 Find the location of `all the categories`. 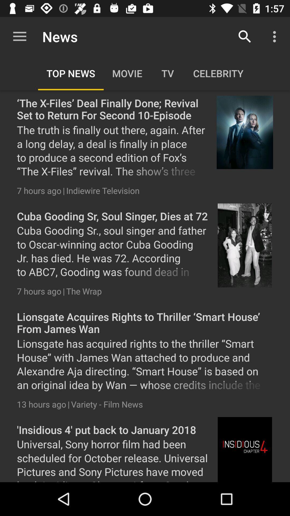

all the categories is located at coordinates (145, 73).